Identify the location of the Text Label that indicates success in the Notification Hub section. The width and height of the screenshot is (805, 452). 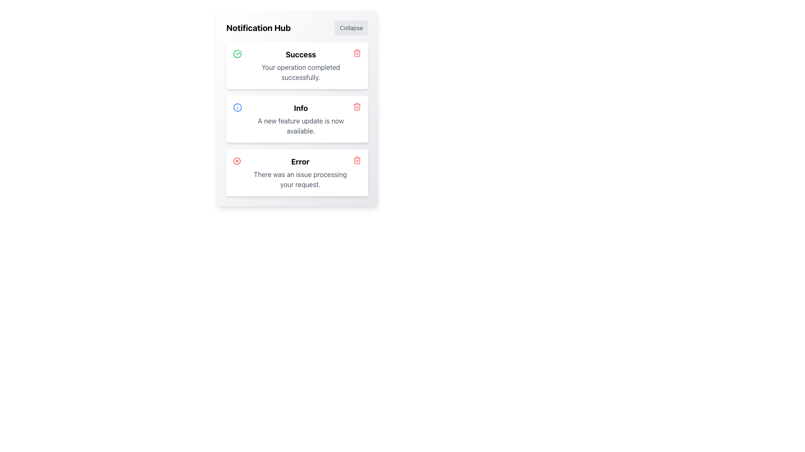
(301, 55).